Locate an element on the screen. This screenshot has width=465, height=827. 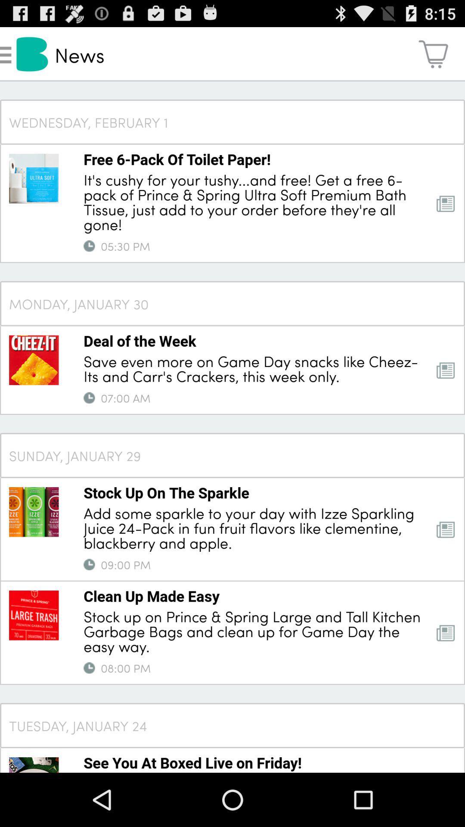
05:30 pm app is located at coordinates (125, 246).